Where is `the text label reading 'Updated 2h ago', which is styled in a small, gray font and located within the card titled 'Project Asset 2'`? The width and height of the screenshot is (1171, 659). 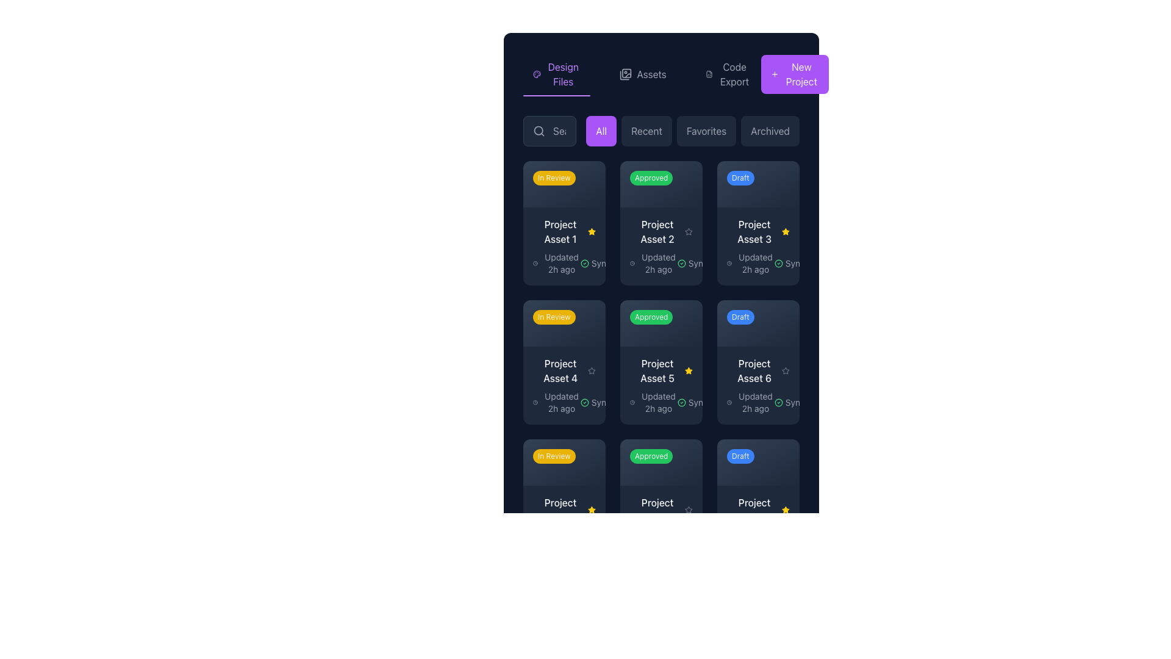 the text label reading 'Updated 2h ago', which is styled in a small, gray font and located within the card titled 'Project Asset 2' is located at coordinates (661, 262).